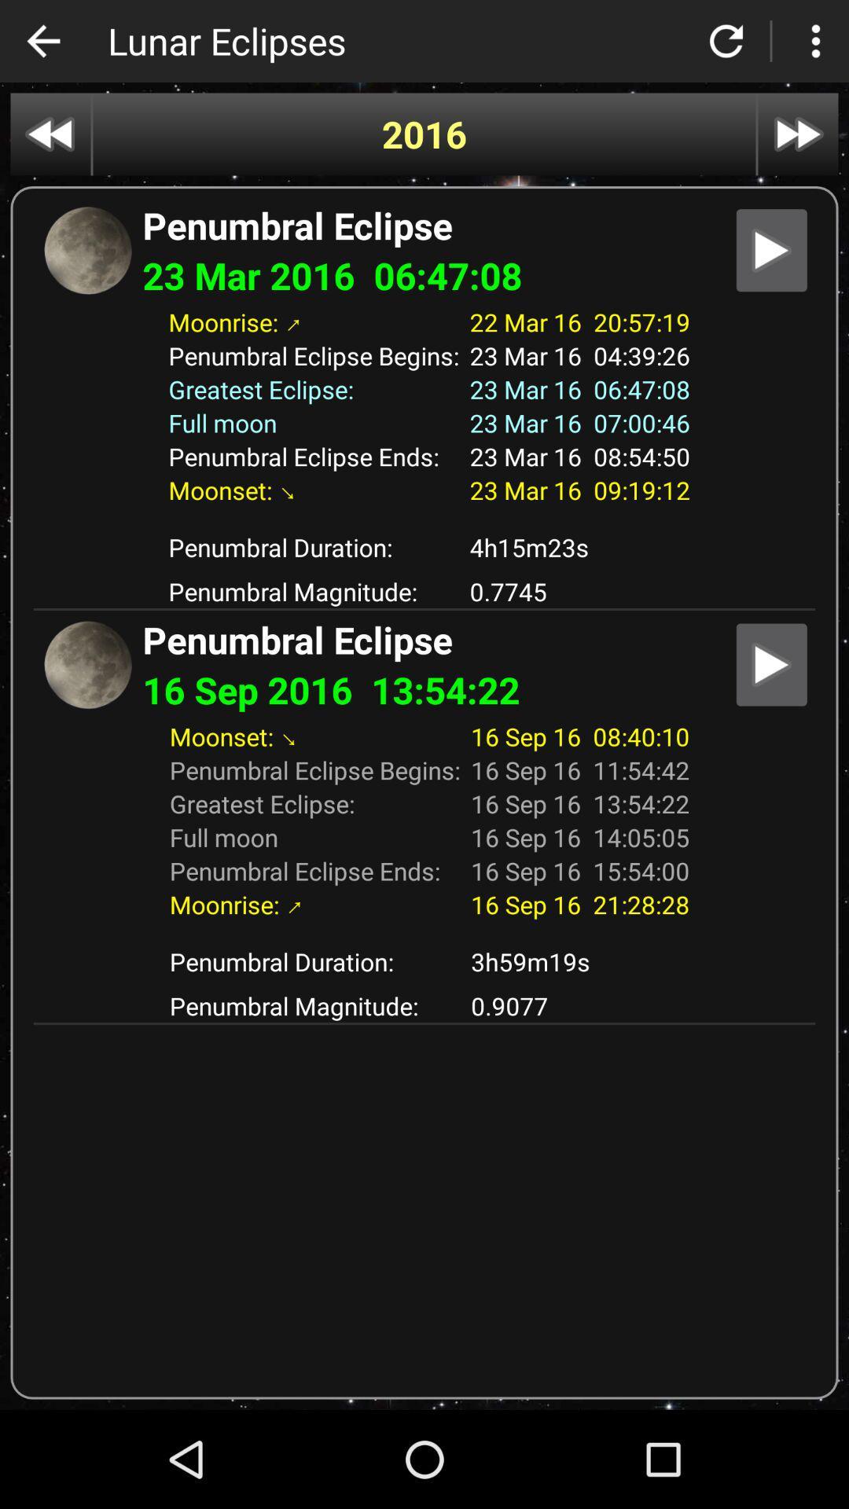 This screenshot has width=849, height=1509. I want to click on go back, so click(50, 134).